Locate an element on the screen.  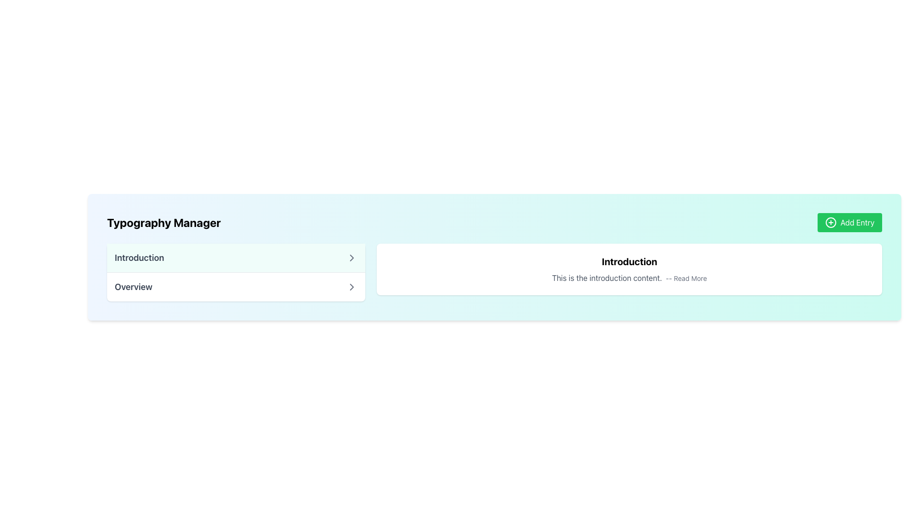
the 'Overview' navigation button located as the second item in the vertical list on the left section of the interface is located at coordinates (236, 286).